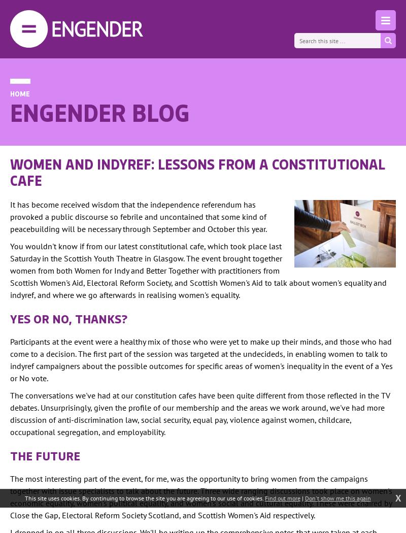 The height and width of the screenshot is (533, 406). I want to click on 'Women and indyref: lessons from a constitutional cafe', so click(10, 172).